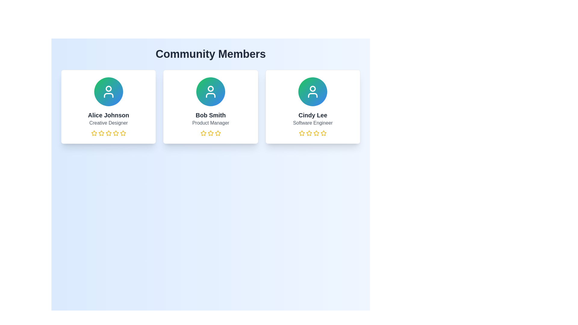 The height and width of the screenshot is (325, 578). What do you see at coordinates (211, 133) in the screenshot?
I see `on the third star-shaped rating indicator icon outlined in yellow, located under the profile of 'Bob Smith'` at bounding box center [211, 133].